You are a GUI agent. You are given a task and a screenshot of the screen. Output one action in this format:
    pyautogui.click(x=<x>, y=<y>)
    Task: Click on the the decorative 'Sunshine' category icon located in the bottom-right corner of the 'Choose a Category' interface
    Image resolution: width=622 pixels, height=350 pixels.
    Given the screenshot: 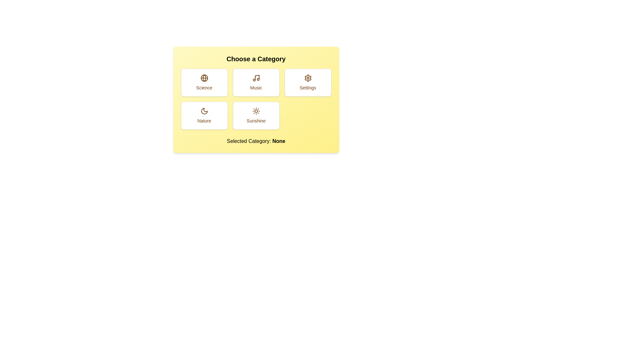 What is the action you would take?
    pyautogui.click(x=256, y=111)
    